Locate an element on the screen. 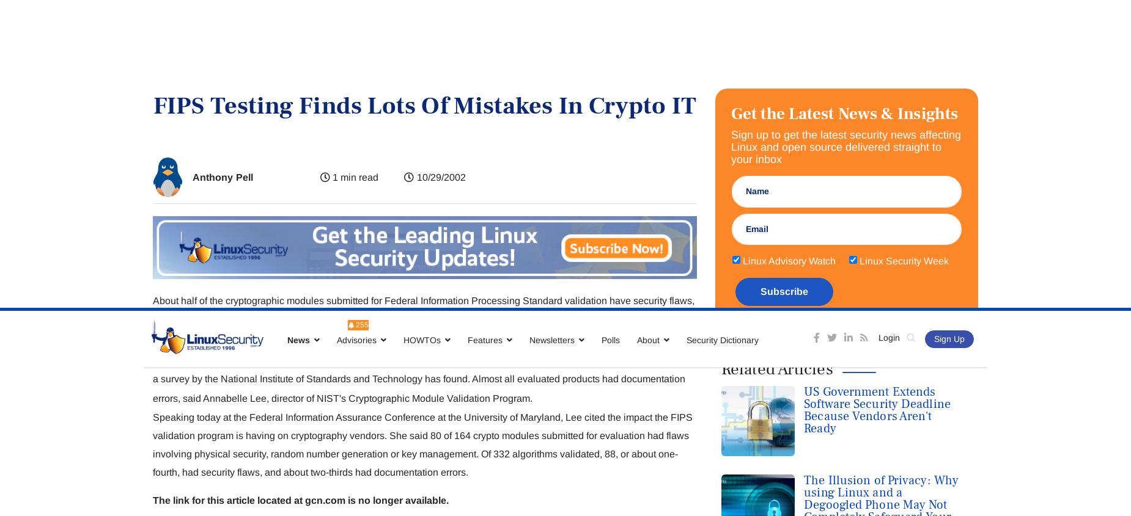  'Login' is located at coordinates (888, 29).